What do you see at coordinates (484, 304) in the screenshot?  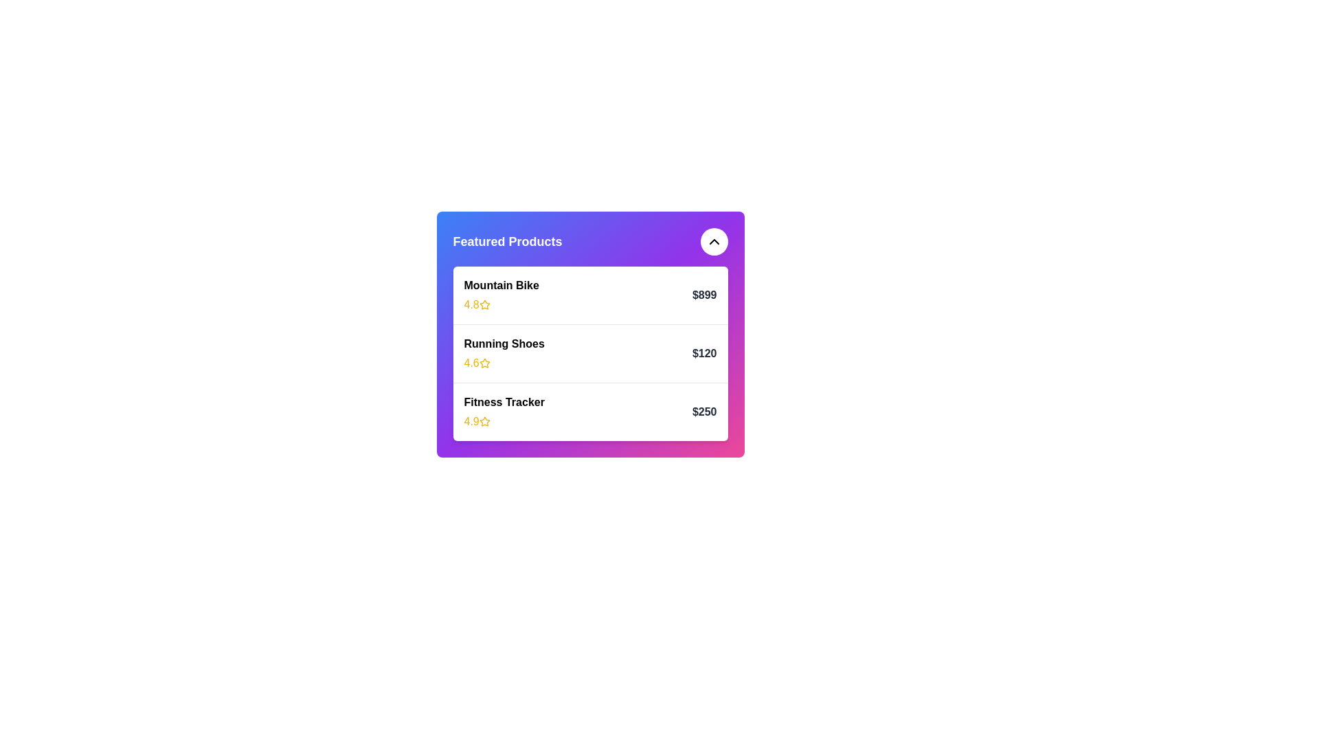 I see `the star-shaped yellow icon located to the right of the text '4.8' in the 'Mountain Bike' row of the featured products card` at bounding box center [484, 304].